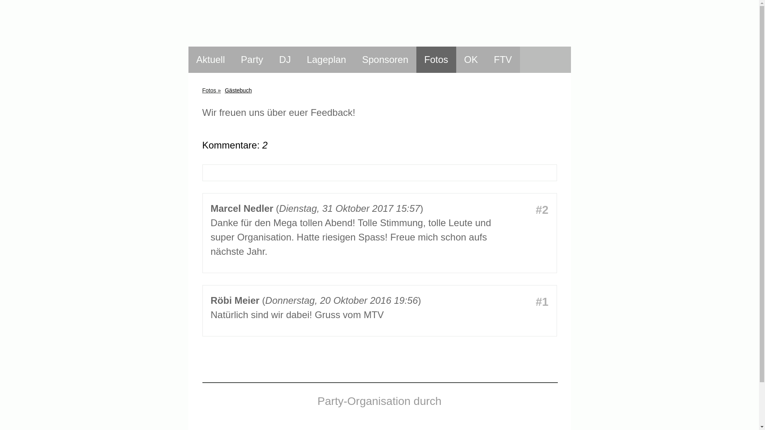  I want to click on 'Aktuell', so click(210, 59).